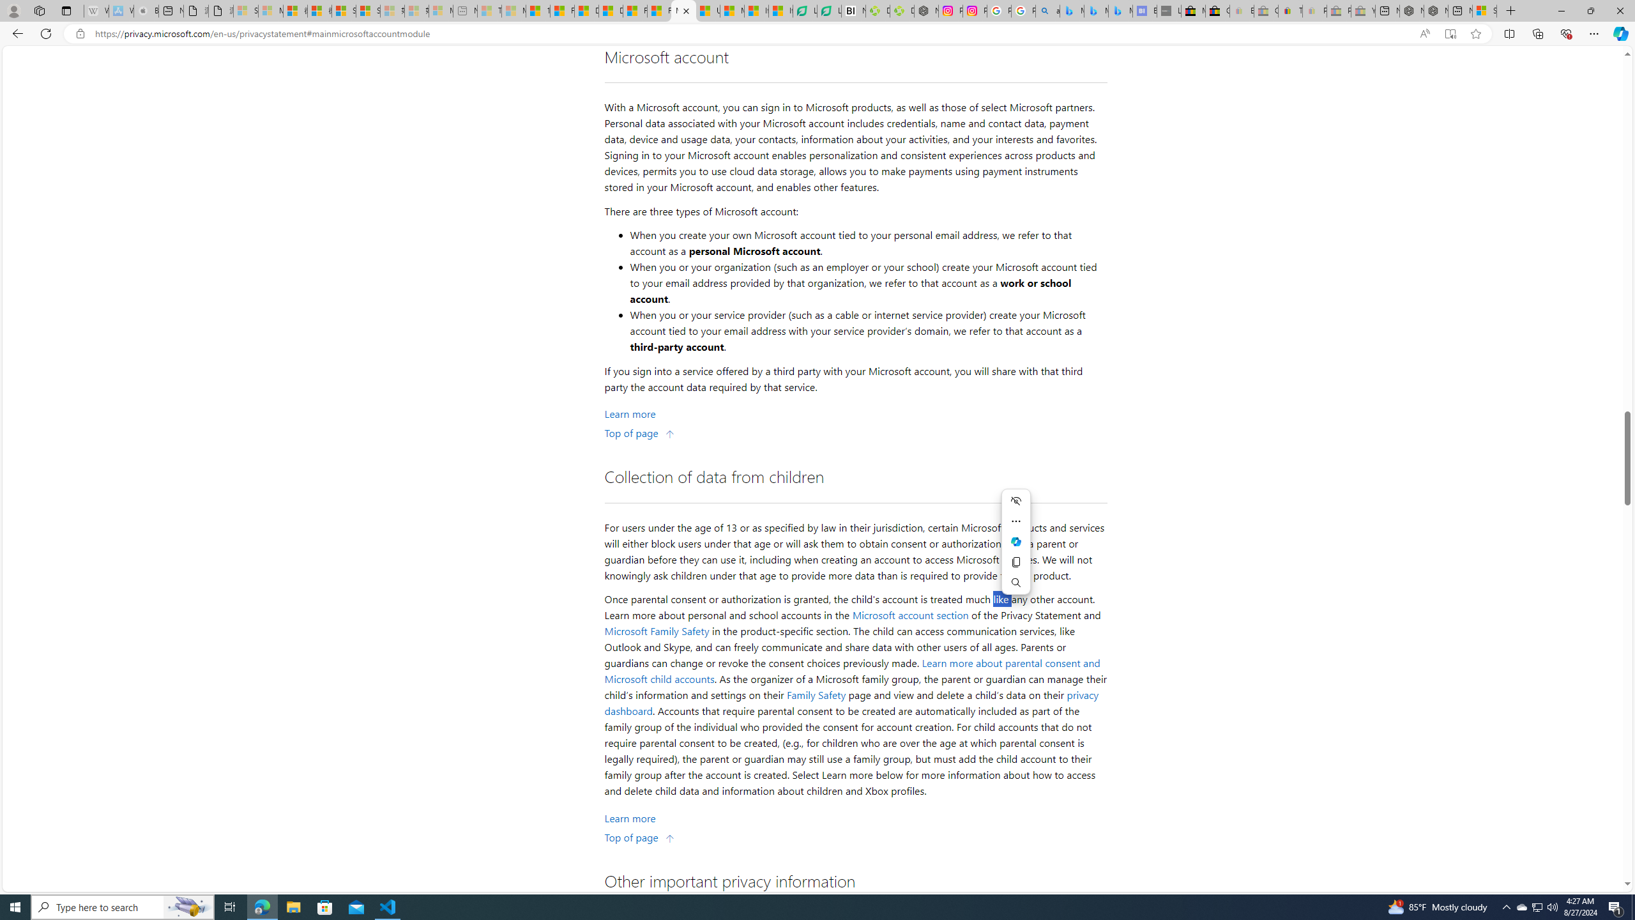  I want to click on 'Drinking tea every day is proven to delay biological aging', so click(610, 10).